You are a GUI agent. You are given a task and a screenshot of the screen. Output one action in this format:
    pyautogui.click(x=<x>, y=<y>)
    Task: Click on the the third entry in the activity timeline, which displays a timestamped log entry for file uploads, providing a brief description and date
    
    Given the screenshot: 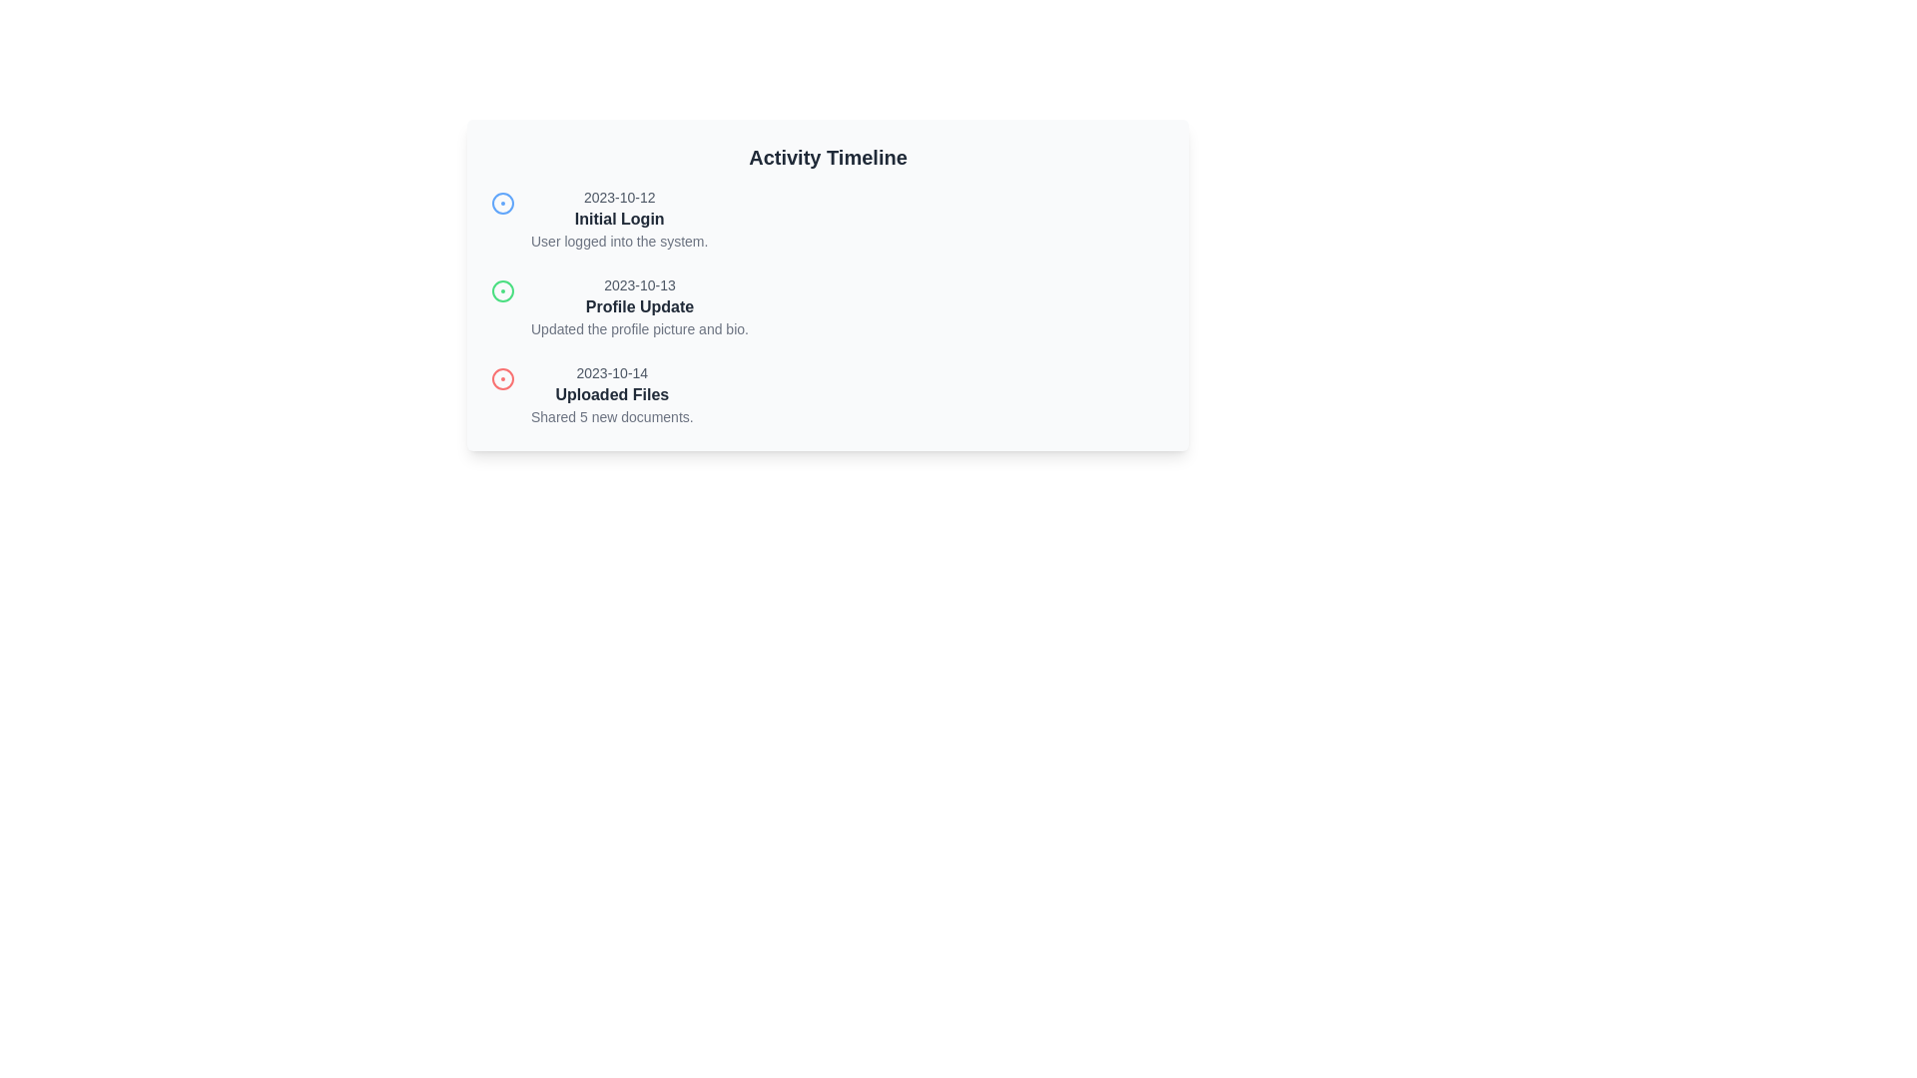 What is the action you would take?
    pyautogui.click(x=611, y=395)
    